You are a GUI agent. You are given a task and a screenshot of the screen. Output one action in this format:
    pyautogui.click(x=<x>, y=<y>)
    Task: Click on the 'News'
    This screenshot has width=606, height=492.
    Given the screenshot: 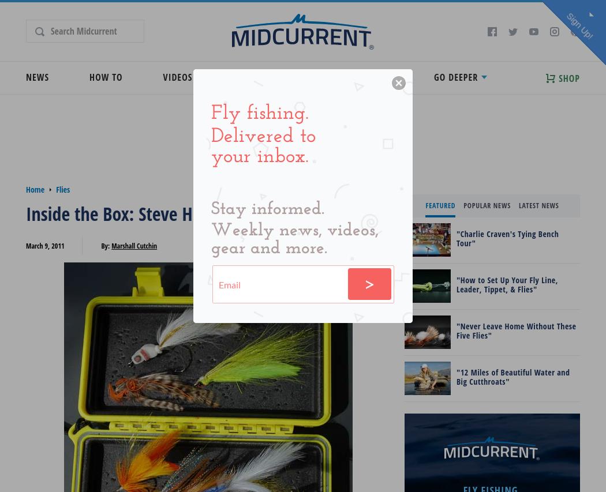 What is the action you would take?
    pyautogui.click(x=36, y=77)
    